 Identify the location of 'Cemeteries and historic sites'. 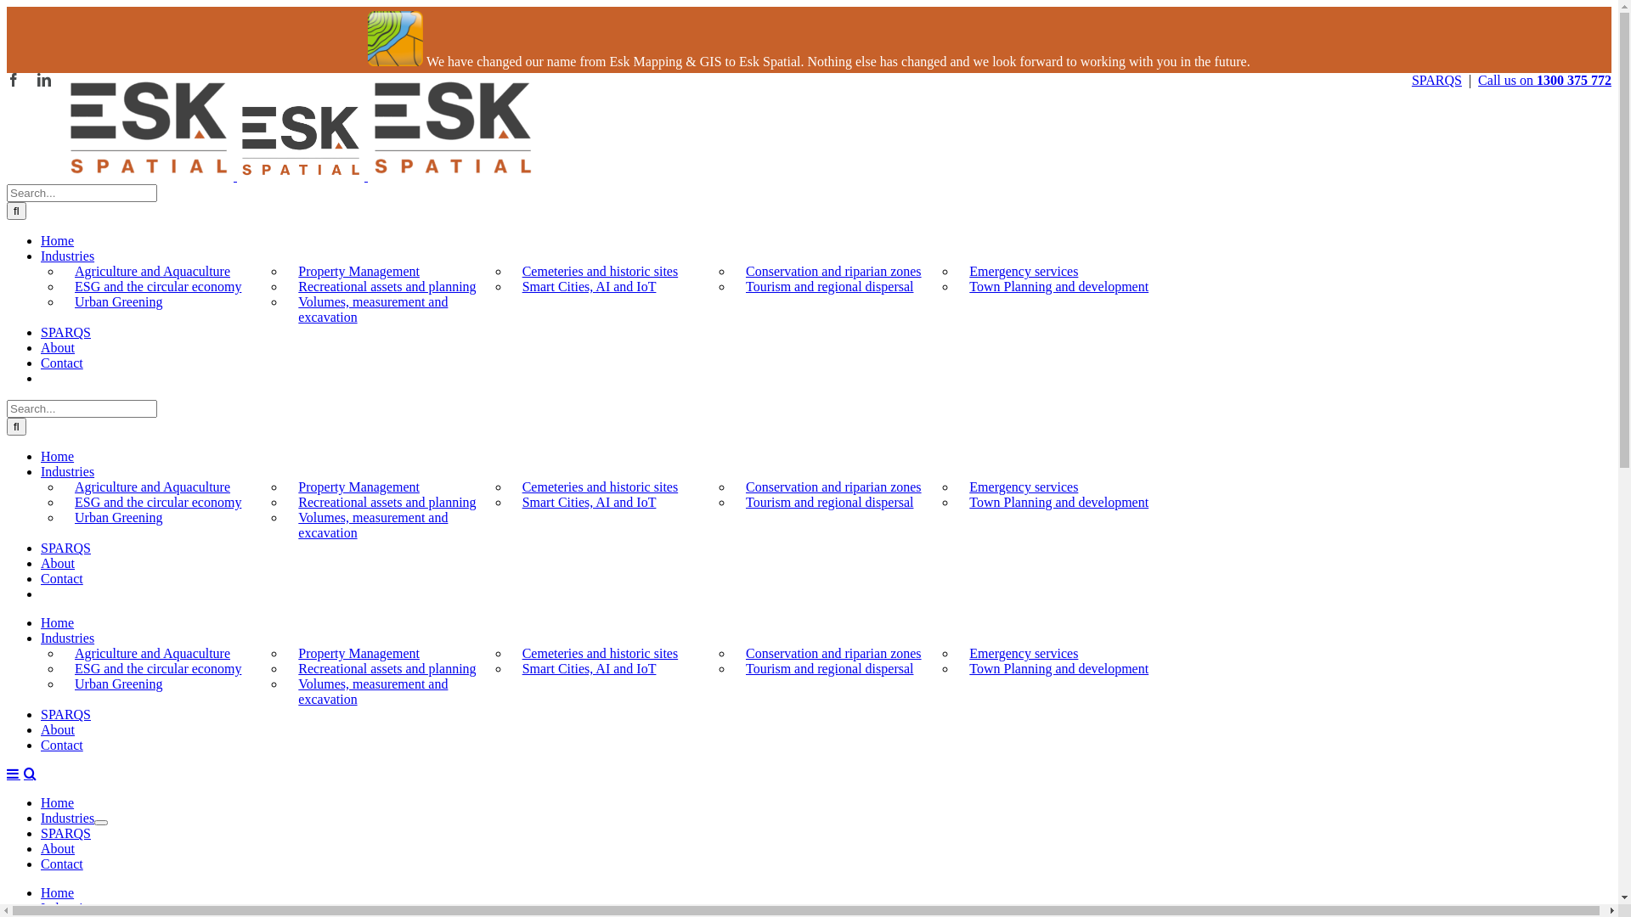
(600, 652).